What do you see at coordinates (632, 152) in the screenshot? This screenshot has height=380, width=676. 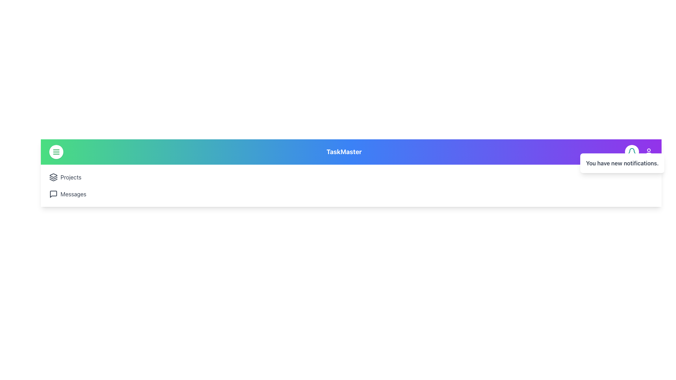 I see `the notification alert icon located at the center of a rounded button in the top-right corner of the interface` at bounding box center [632, 152].